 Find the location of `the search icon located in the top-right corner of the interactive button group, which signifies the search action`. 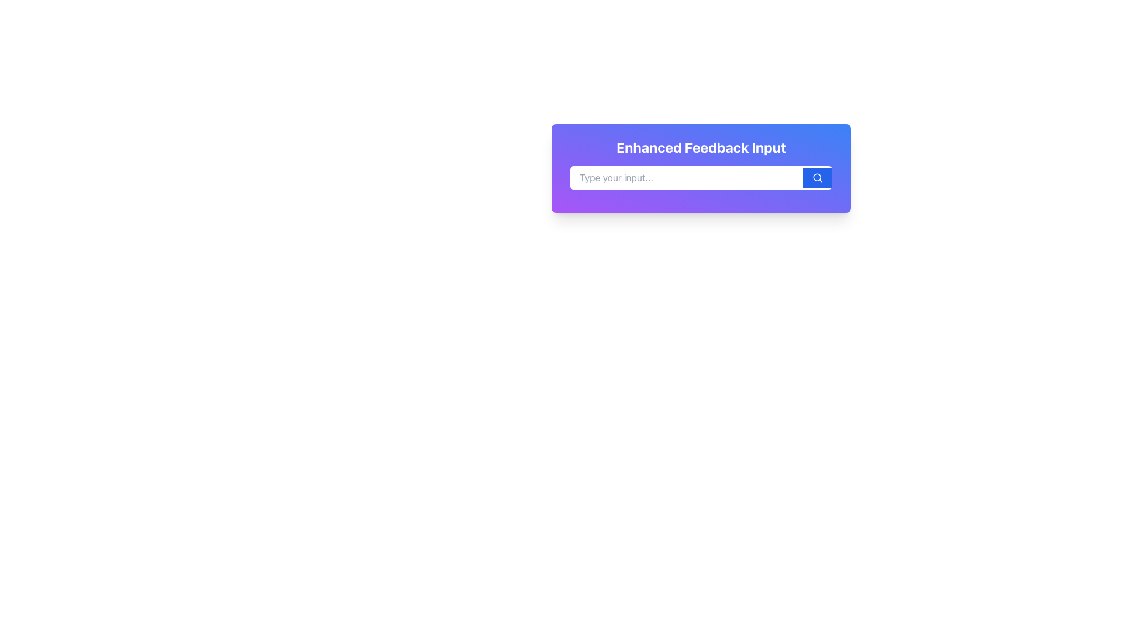

the search icon located in the top-right corner of the interactive button group, which signifies the search action is located at coordinates (817, 178).